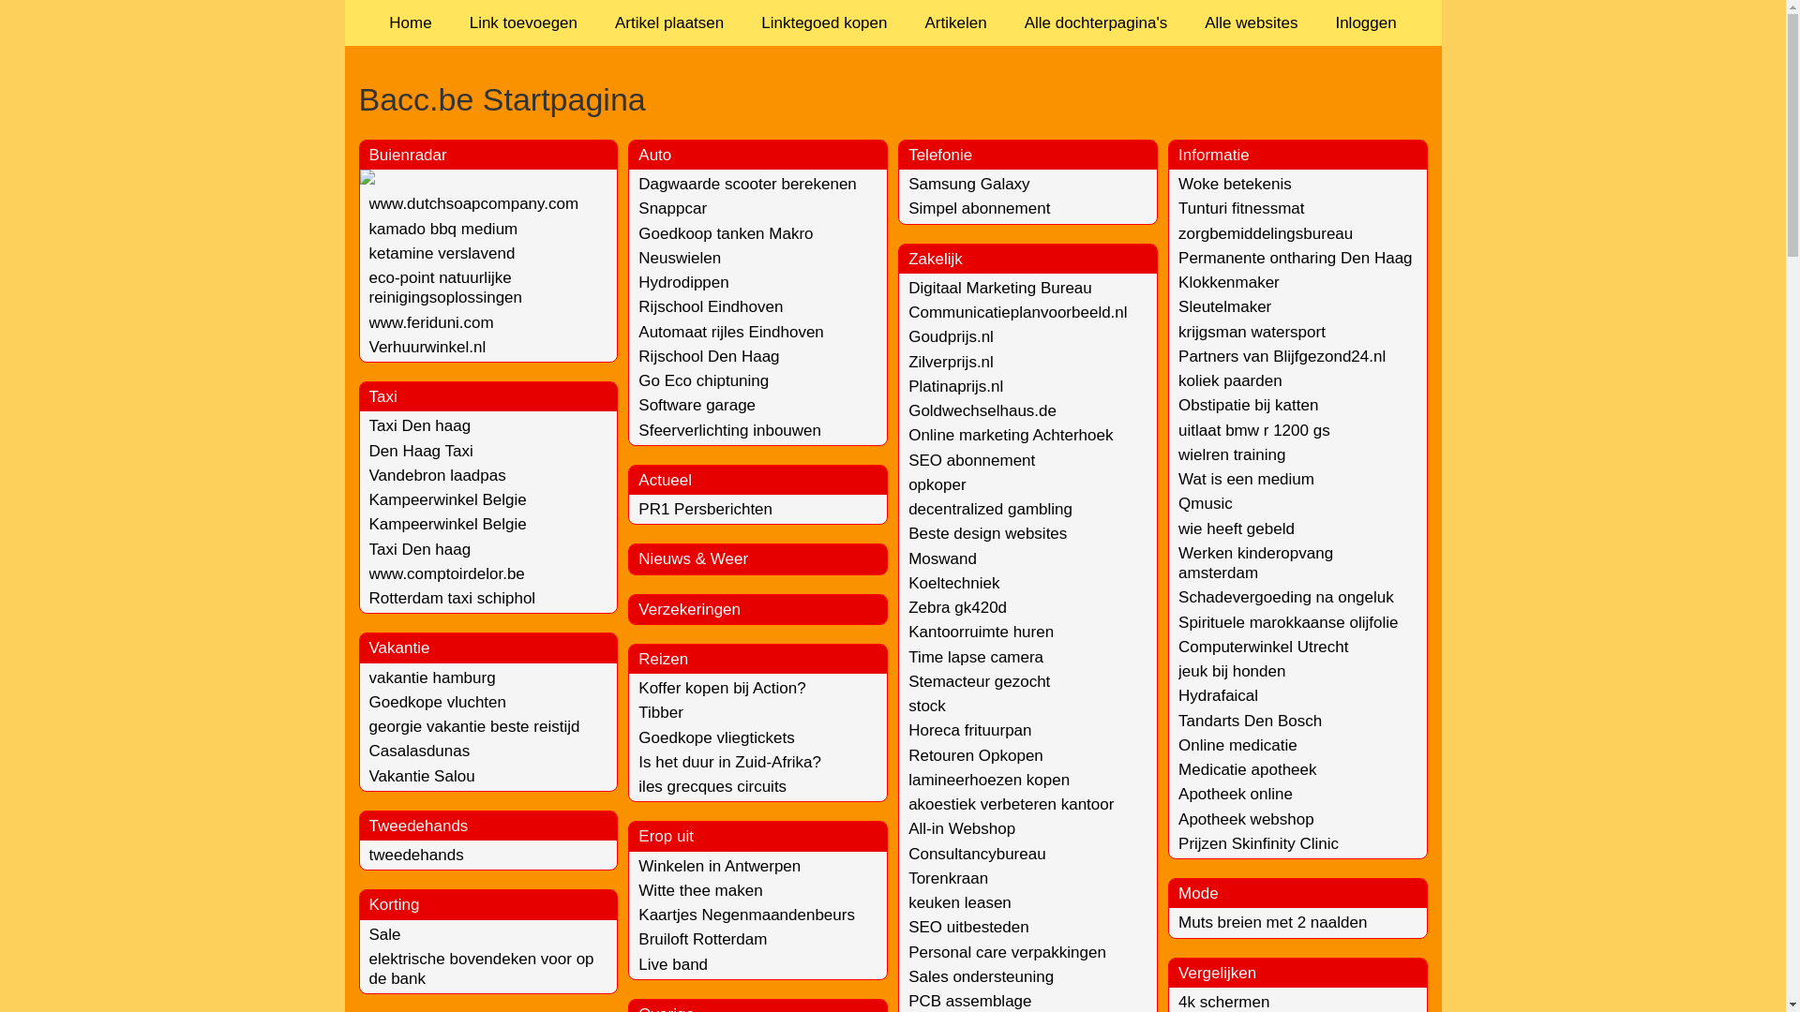  What do you see at coordinates (1224, 305) in the screenshot?
I see `'Sleutelmaker'` at bounding box center [1224, 305].